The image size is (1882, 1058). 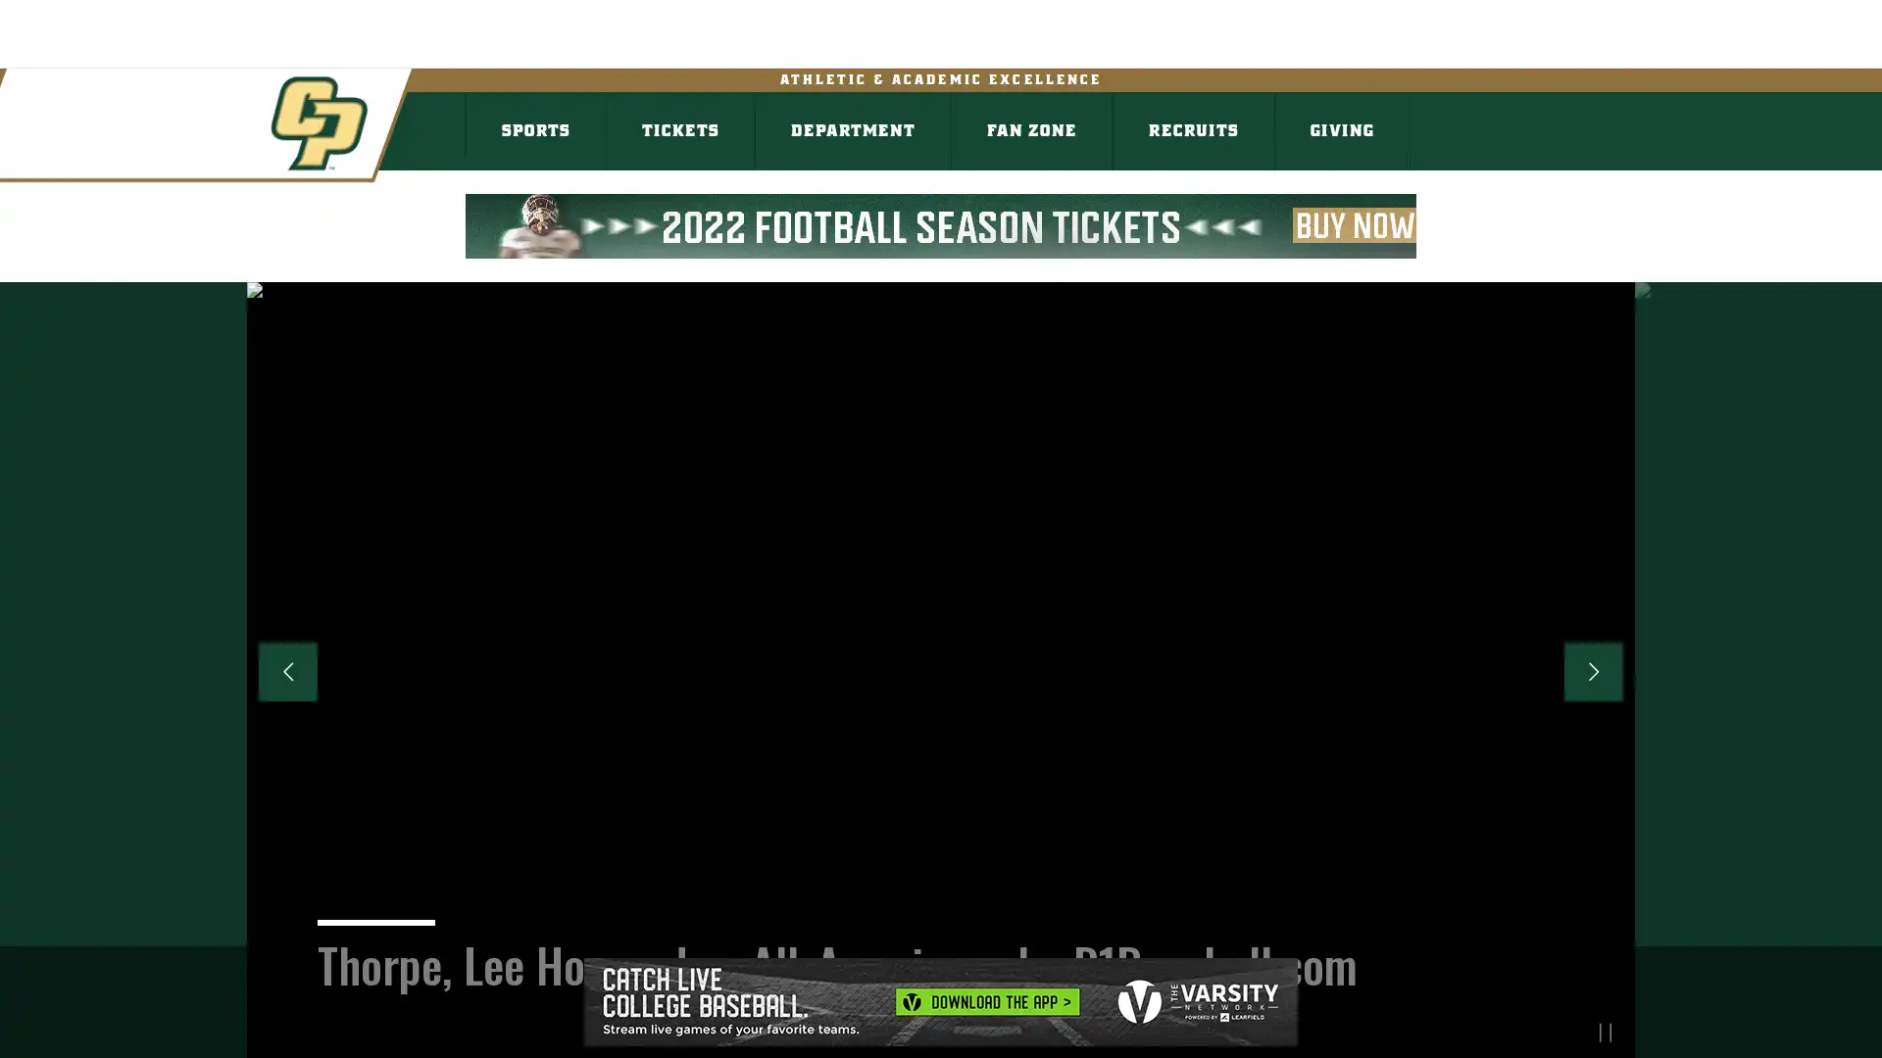 I want to click on Toggle game links, so click(x=484, y=52).